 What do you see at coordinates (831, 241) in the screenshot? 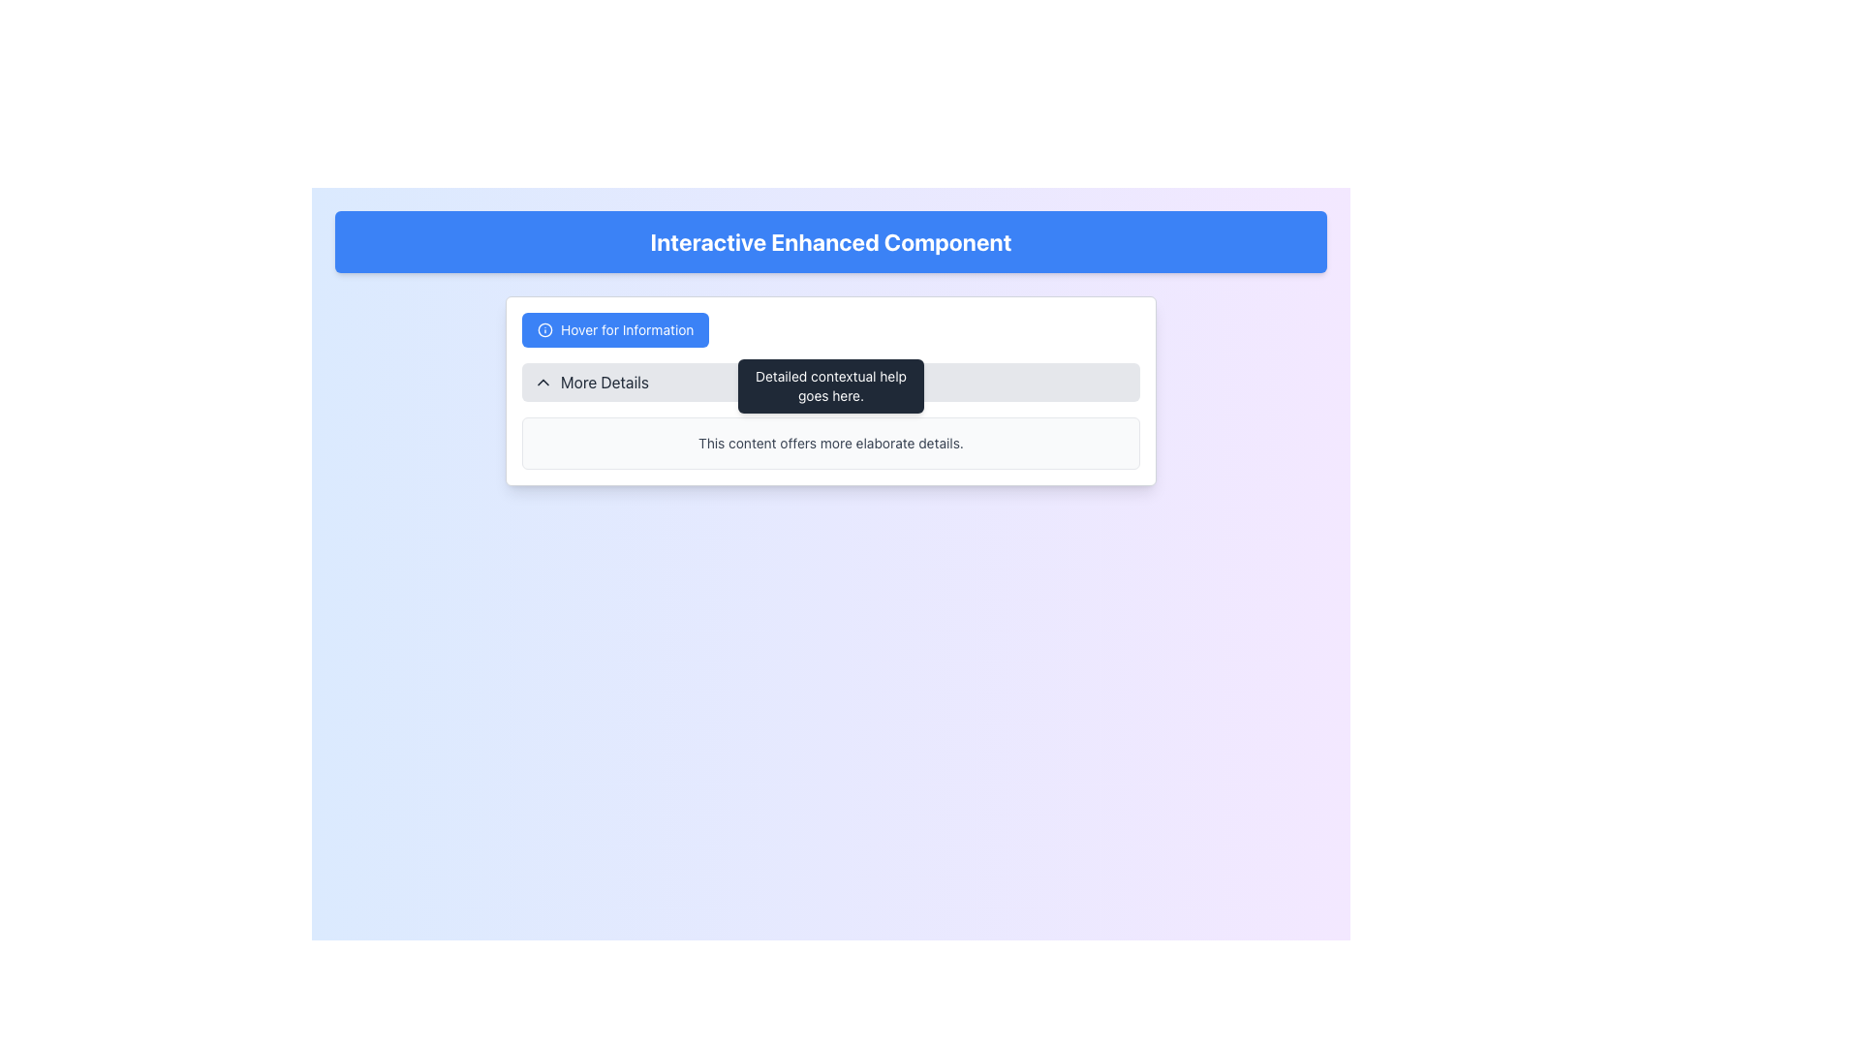
I see `the static text element that serves as a title or header in the center of a horizontal blue bar near the top section of the layout` at bounding box center [831, 241].